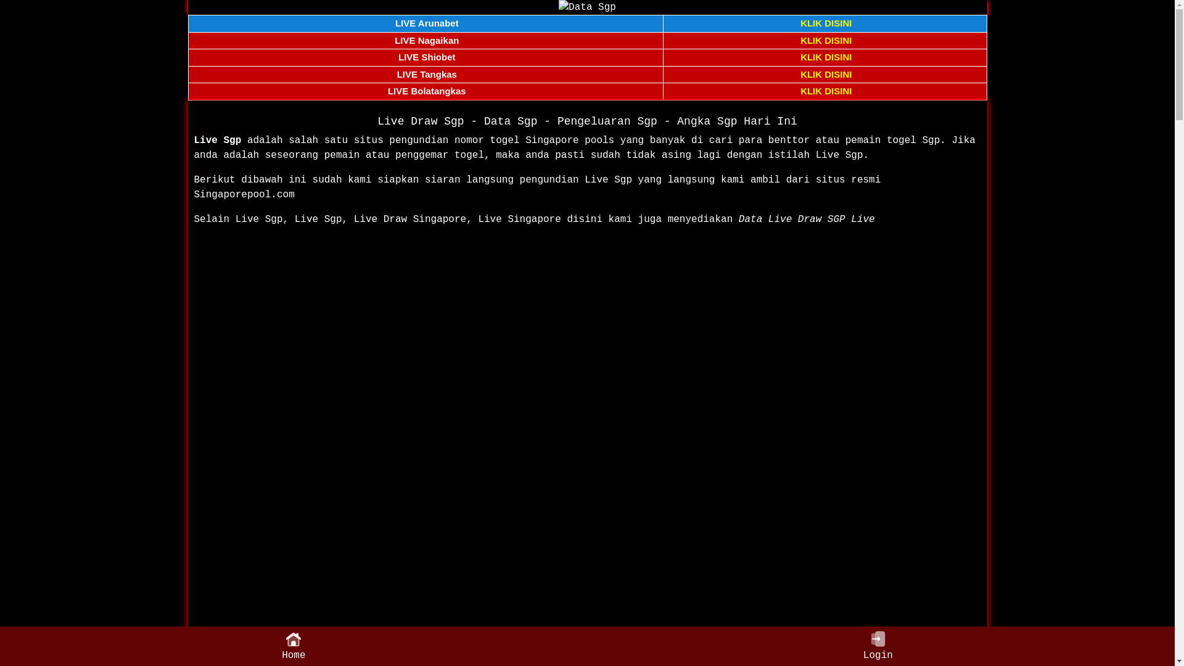  I want to click on 'Live Sgp', so click(217, 139).